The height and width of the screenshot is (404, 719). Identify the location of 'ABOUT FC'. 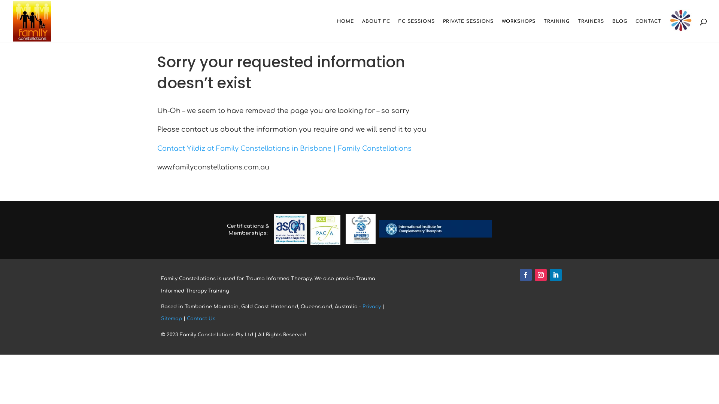
(376, 30).